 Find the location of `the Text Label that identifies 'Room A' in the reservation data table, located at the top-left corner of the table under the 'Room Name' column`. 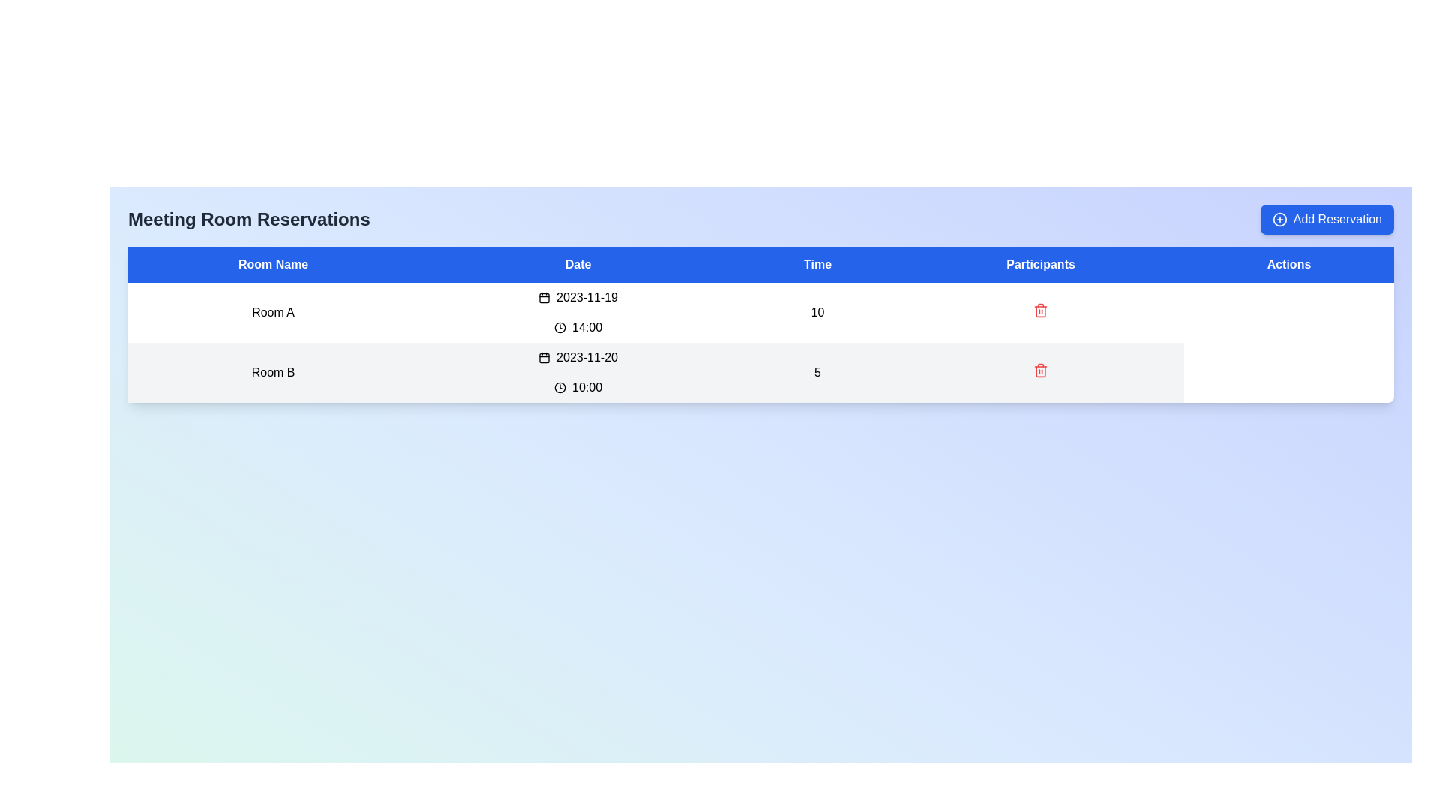

the Text Label that identifies 'Room A' in the reservation data table, located at the top-left corner of the table under the 'Room Name' column is located at coordinates (273, 311).